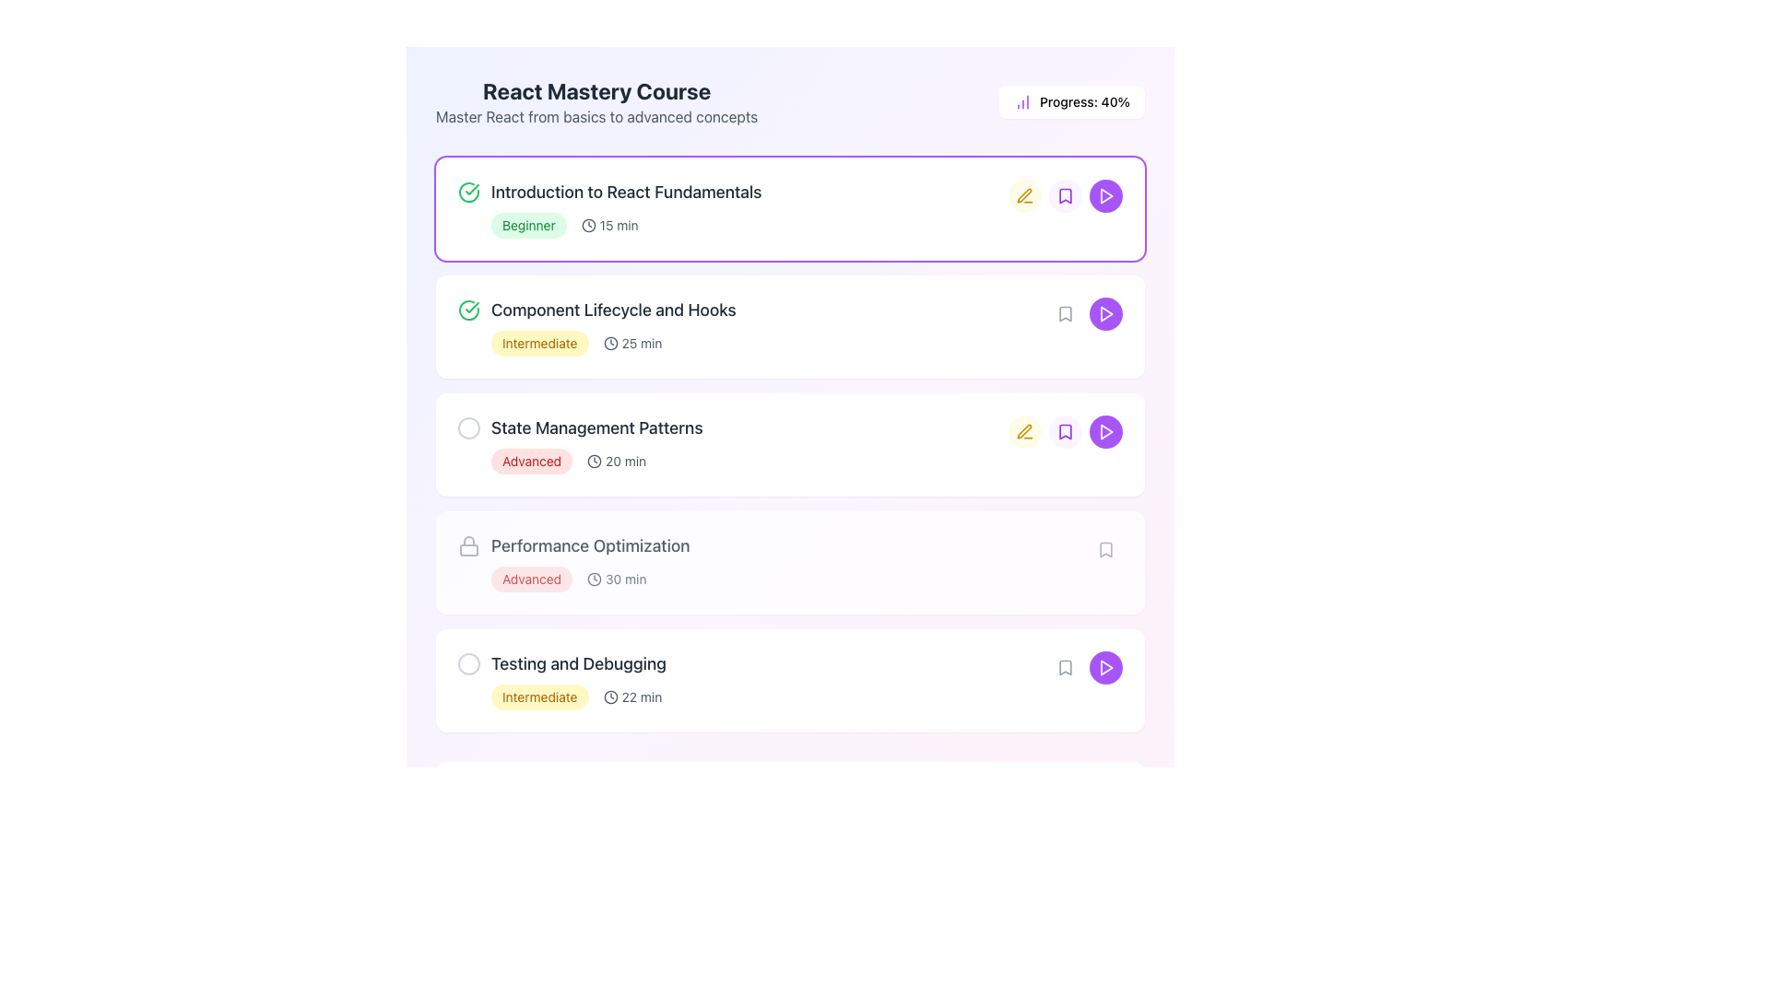  I want to click on the gray bookmark-shaped icon located inside the 'Component Lifecycle and Hooks' task block, so click(1066, 312).